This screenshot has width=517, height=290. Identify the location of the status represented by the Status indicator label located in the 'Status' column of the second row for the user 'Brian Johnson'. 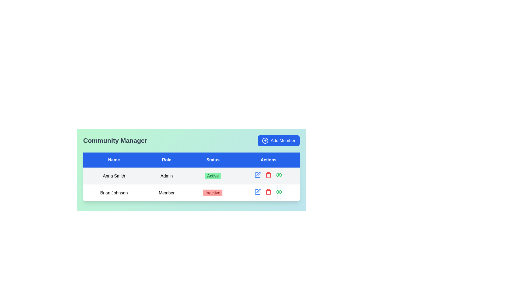
(212, 192).